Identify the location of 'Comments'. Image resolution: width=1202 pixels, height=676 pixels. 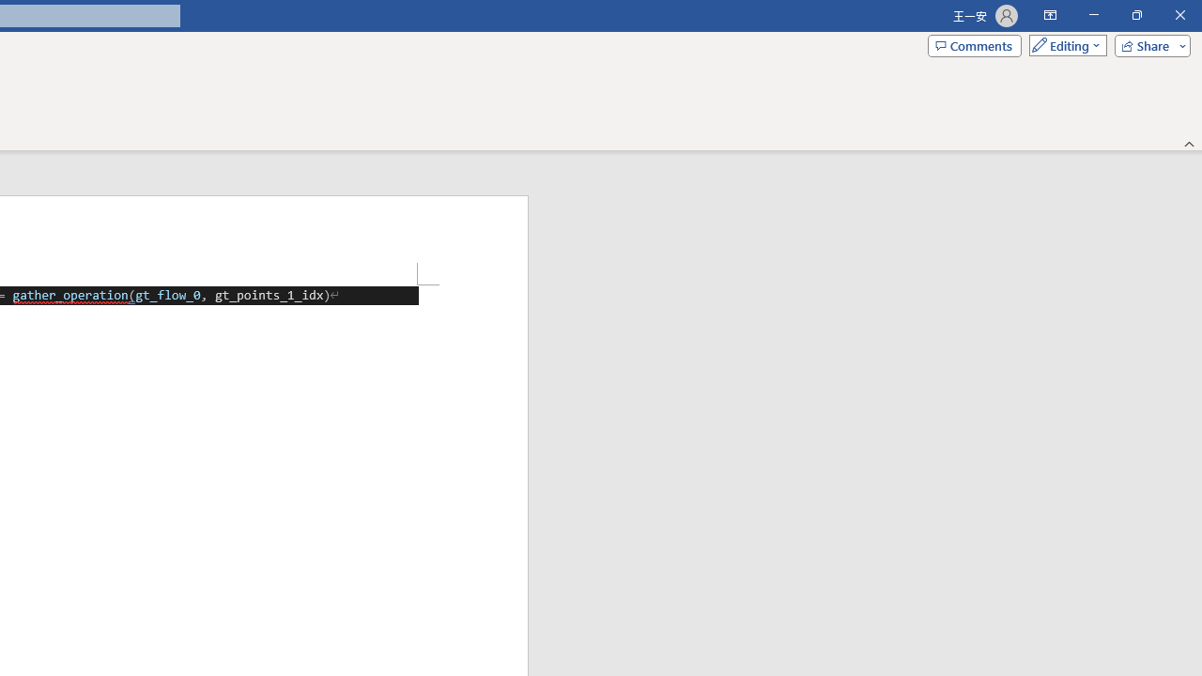
(975, 44).